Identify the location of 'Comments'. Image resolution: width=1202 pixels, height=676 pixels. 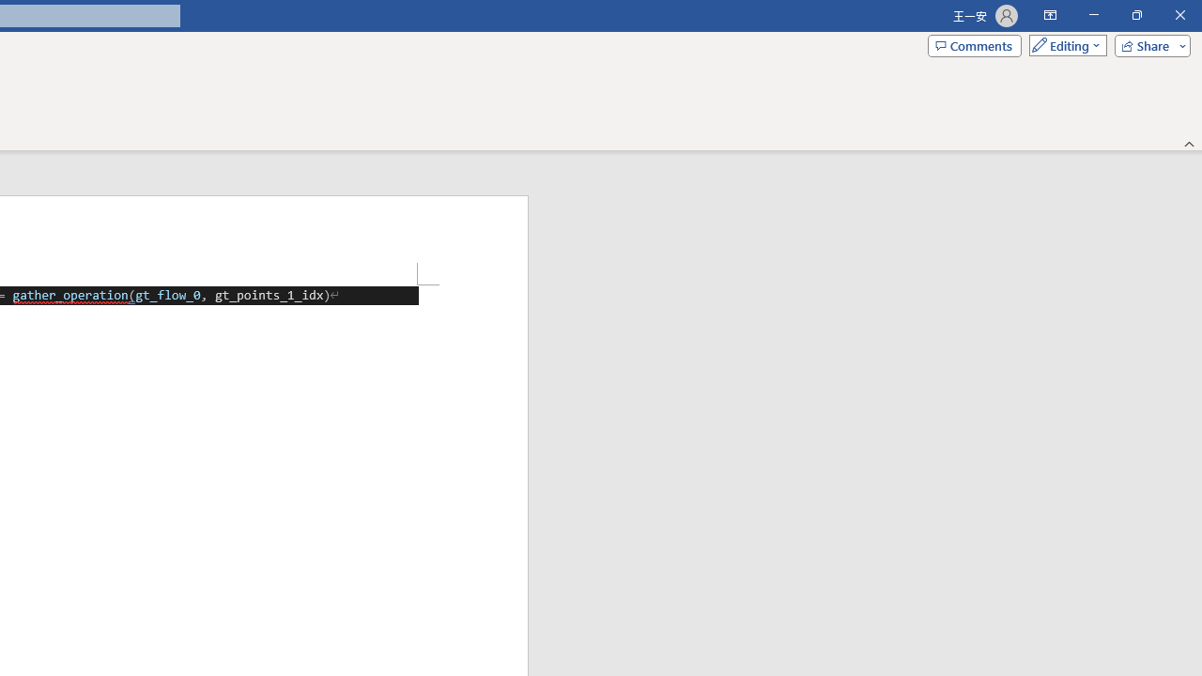
(975, 44).